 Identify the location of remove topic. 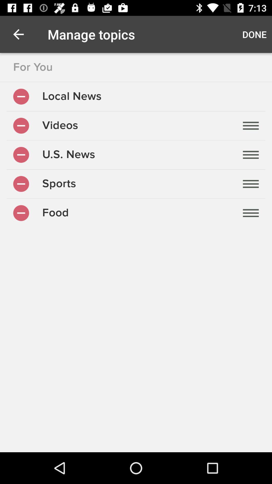
(21, 213).